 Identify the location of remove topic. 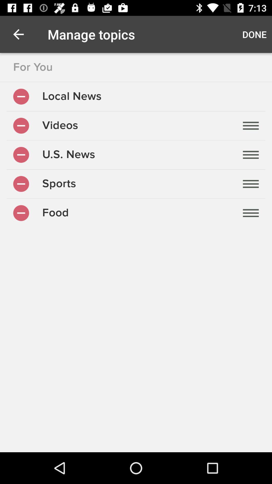
(21, 213).